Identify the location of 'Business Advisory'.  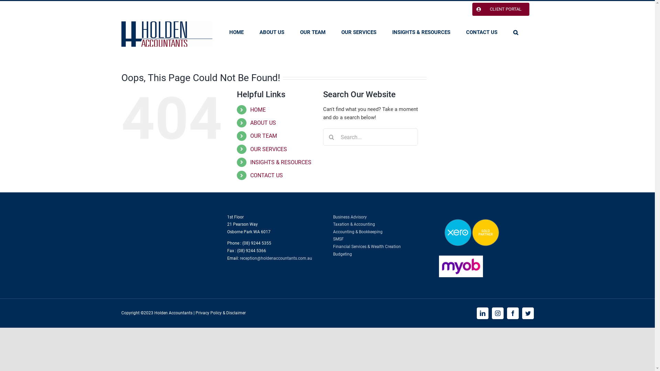
(350, 217).